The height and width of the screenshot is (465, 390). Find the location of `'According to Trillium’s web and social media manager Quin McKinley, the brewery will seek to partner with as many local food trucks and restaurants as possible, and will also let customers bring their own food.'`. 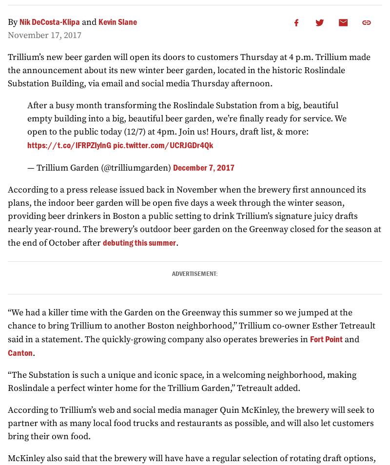

'According to Trillium’s web and social media manager Quin McKinley, the brewery will seek to partner with as many local food trucks and restaurants as possible, and will also let customers bring their own food.' is located at coordinates (191, 423).